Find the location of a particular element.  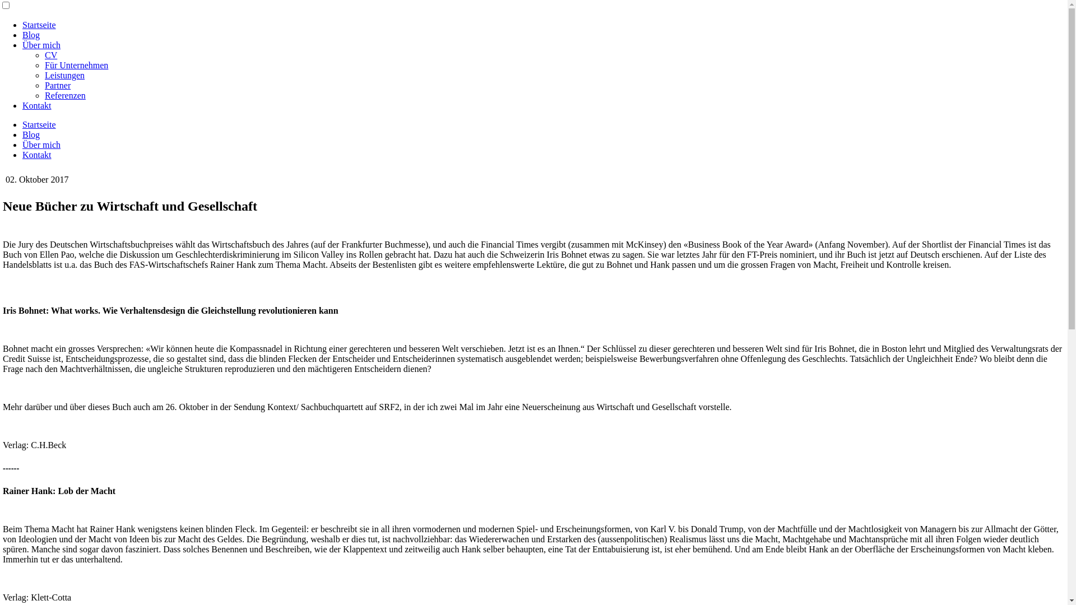

'Startseite' is located at coordinates (39, 124).